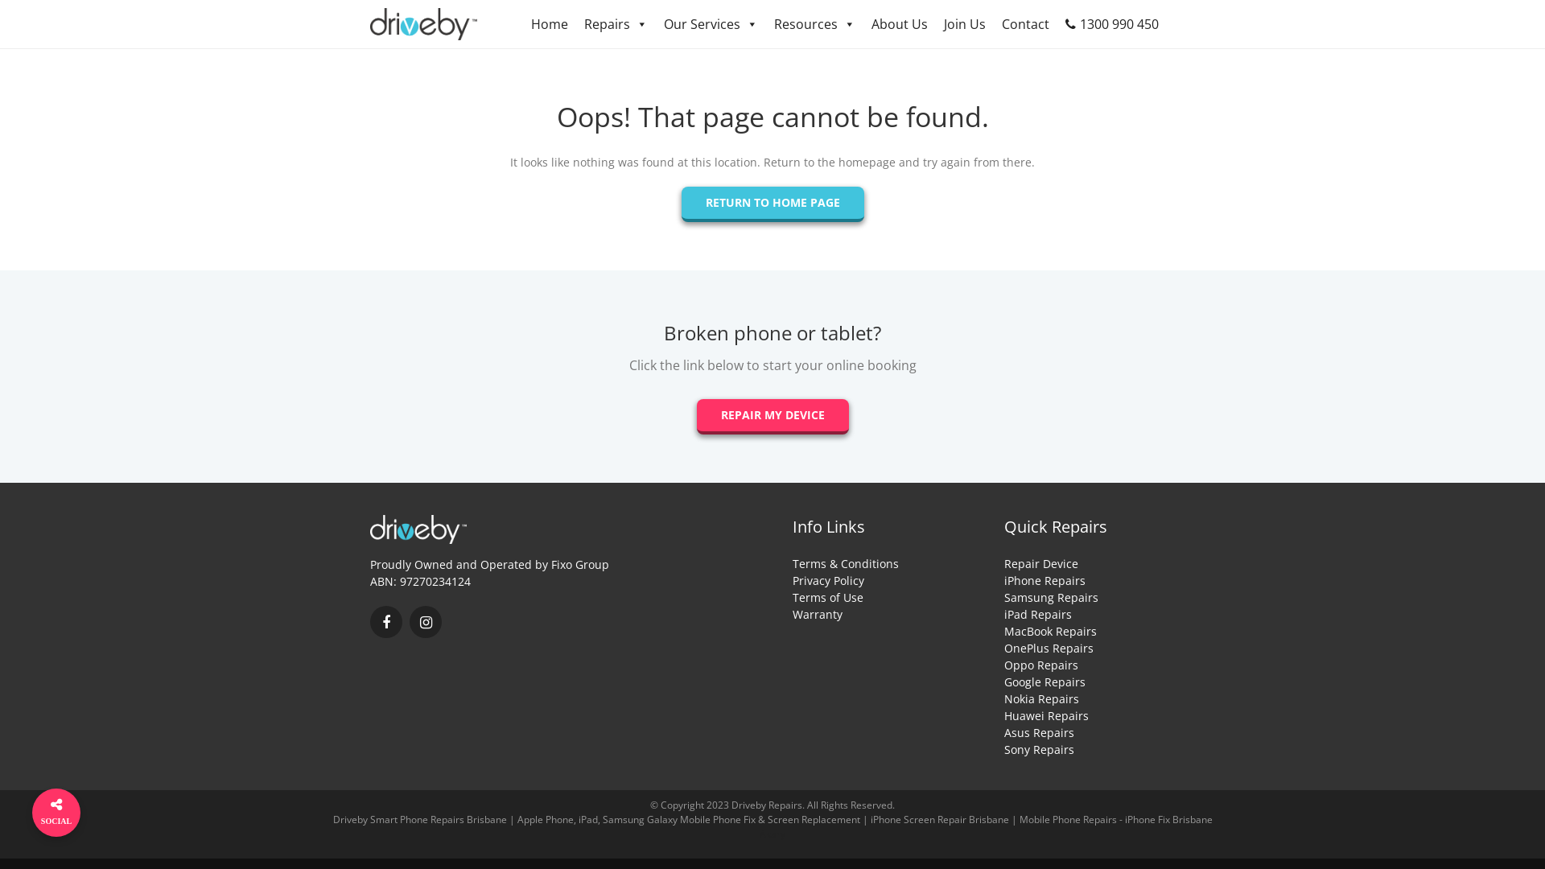 This screenshot has height=869, width=1545. What do you see at coordinates (1046, 715) in the screenshot?
I see `'Huawei Repairs'` at bounding box center [1046, 715].